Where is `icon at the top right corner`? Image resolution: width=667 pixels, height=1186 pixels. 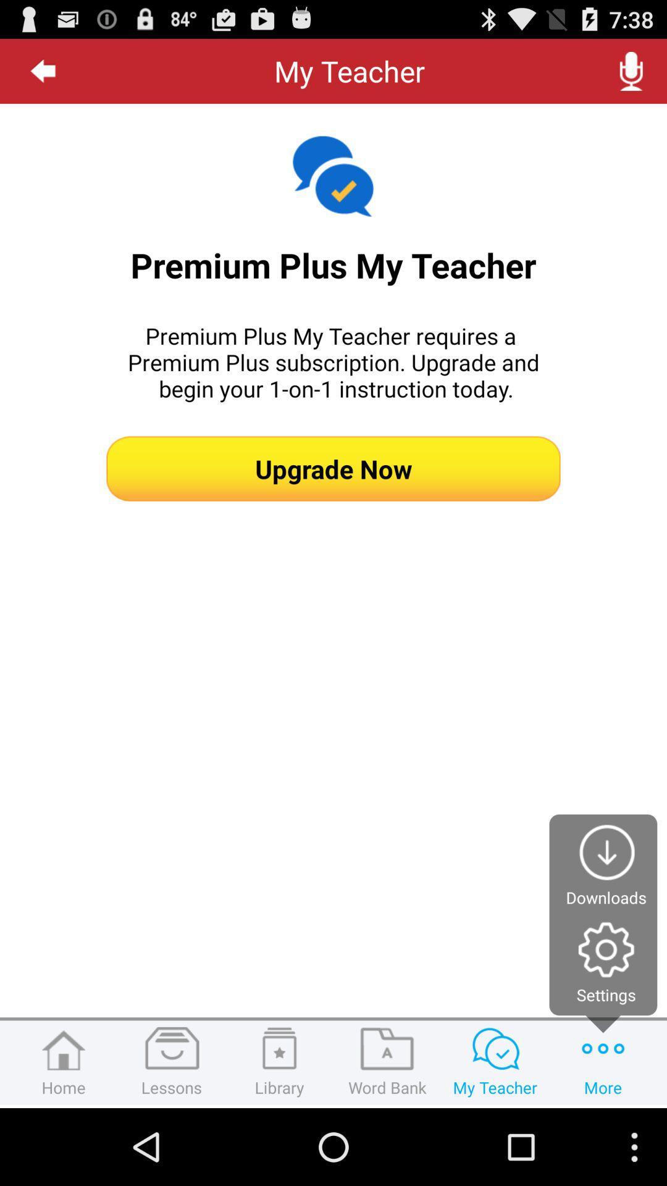 icon at the top right corner is located at coordinates (631, 70).